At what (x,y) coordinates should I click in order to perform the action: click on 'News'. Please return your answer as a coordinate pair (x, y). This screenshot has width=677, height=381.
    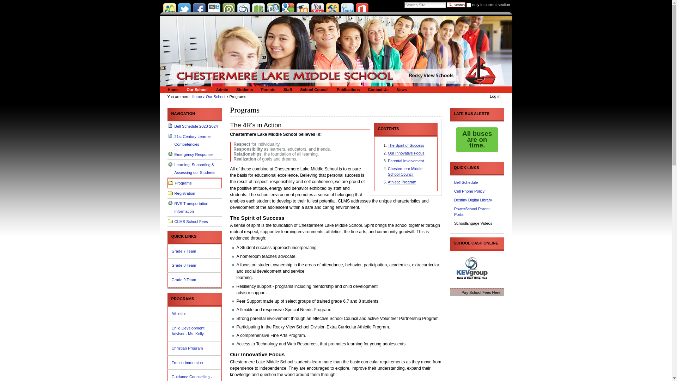
    Looking at the image, I should click on (401, 89).